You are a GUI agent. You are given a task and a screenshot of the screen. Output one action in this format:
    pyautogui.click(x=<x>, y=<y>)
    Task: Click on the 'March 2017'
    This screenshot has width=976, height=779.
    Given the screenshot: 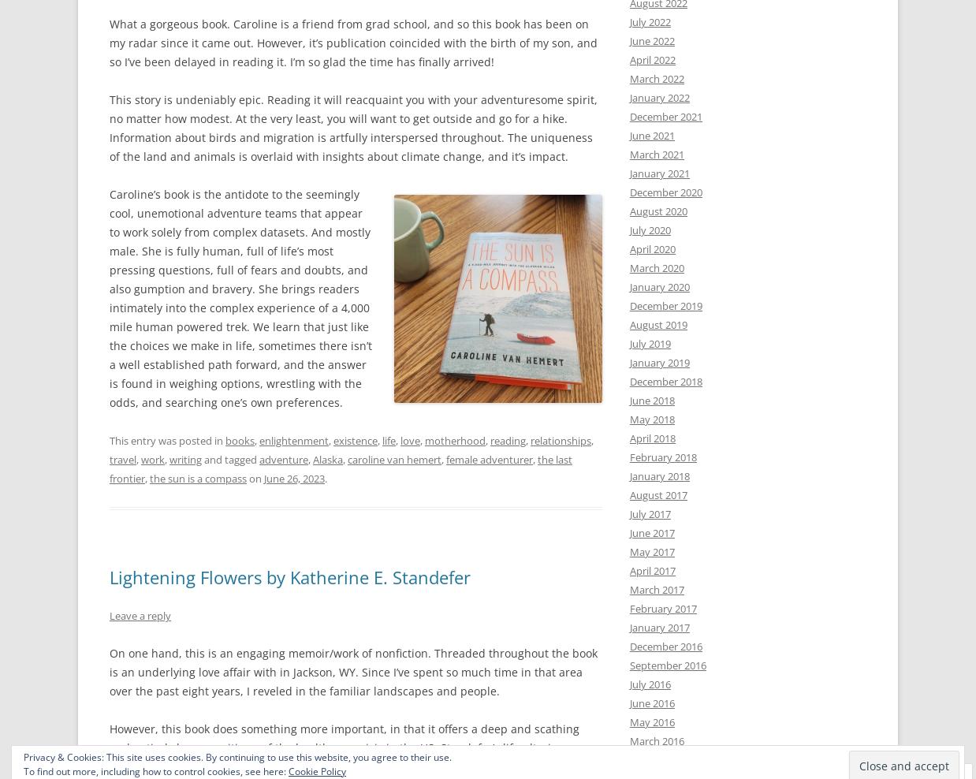 What is the action you would take?
    pyautogui.click(x=656, y=589)
    